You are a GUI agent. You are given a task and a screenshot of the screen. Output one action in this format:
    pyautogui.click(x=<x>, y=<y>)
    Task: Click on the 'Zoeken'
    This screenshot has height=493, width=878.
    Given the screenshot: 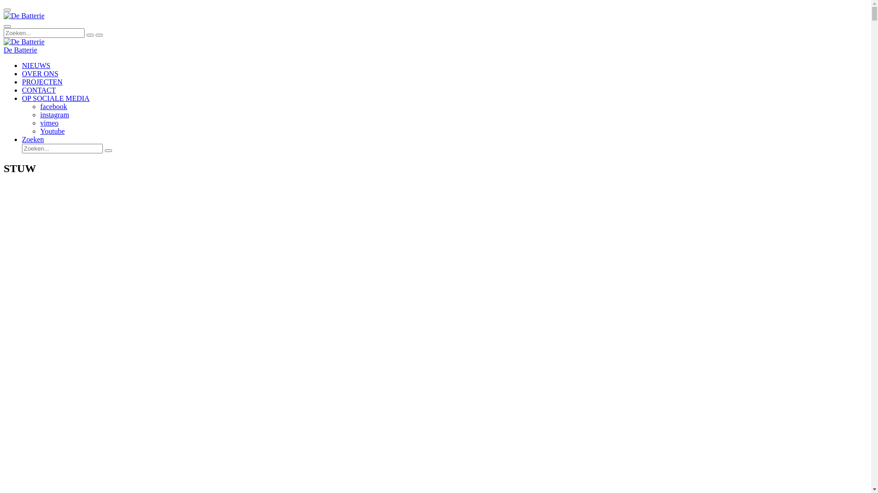 What is the action you would take?
    pyautogui.click(x=22, y=139)
    